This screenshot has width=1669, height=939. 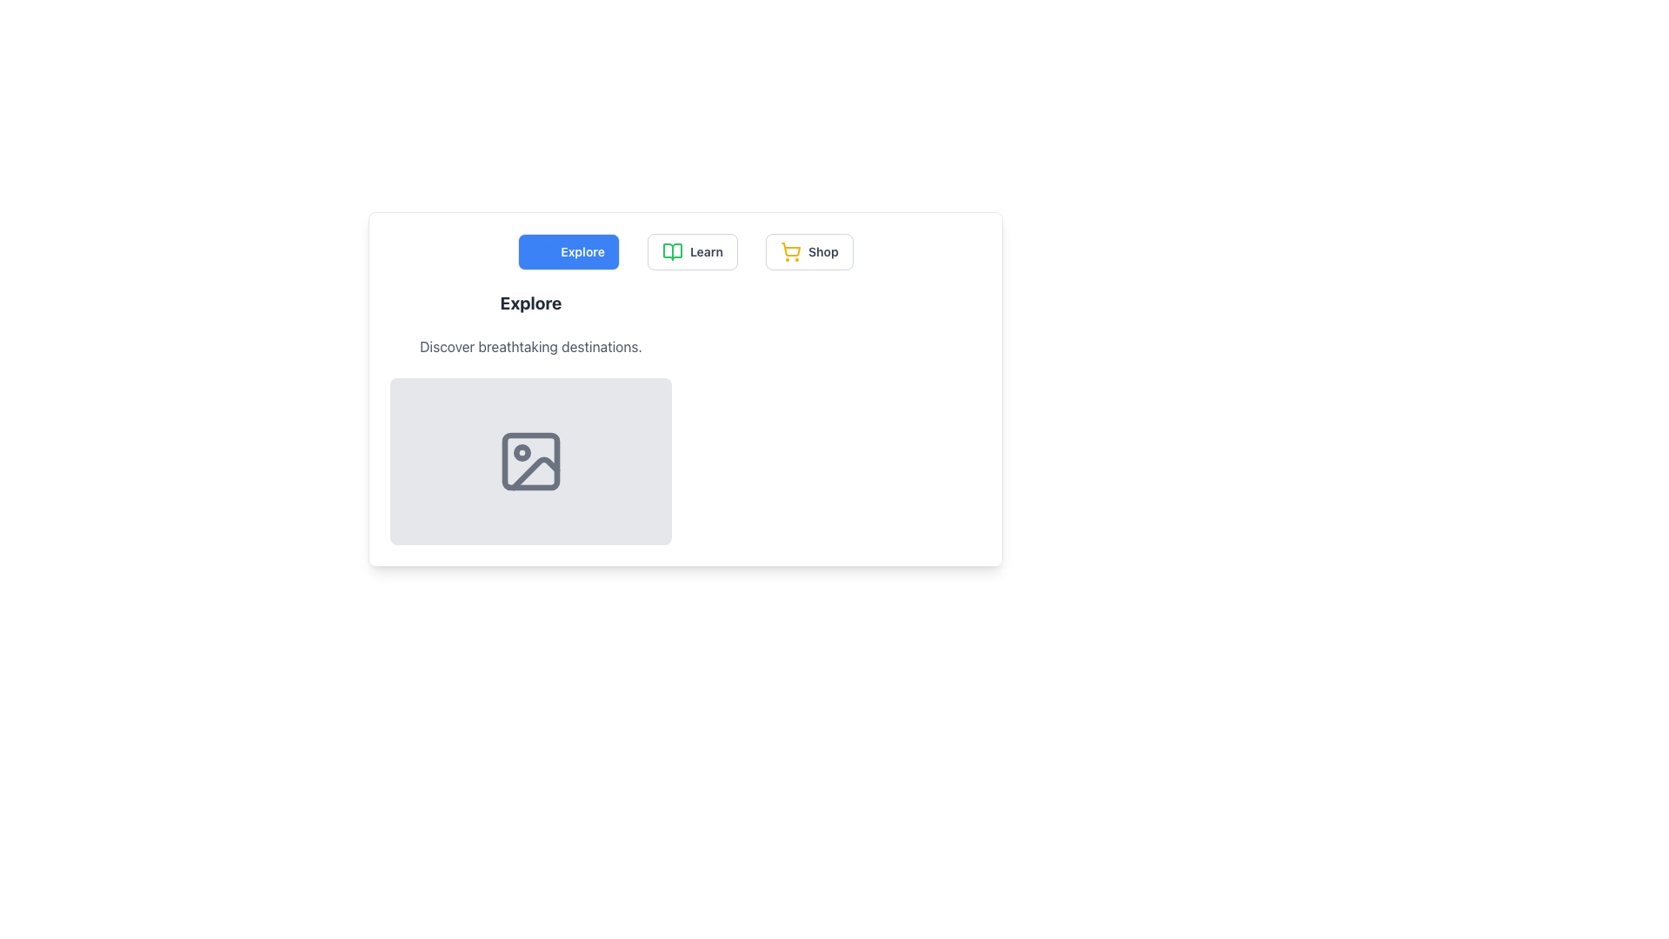 What do you see at coordinates (684, 251) in the screenshot?
I see `the 'Learn' button located between the 'Explore' button and the 'Shop' button at the top of the card interface` at bounding box center [684, 251].